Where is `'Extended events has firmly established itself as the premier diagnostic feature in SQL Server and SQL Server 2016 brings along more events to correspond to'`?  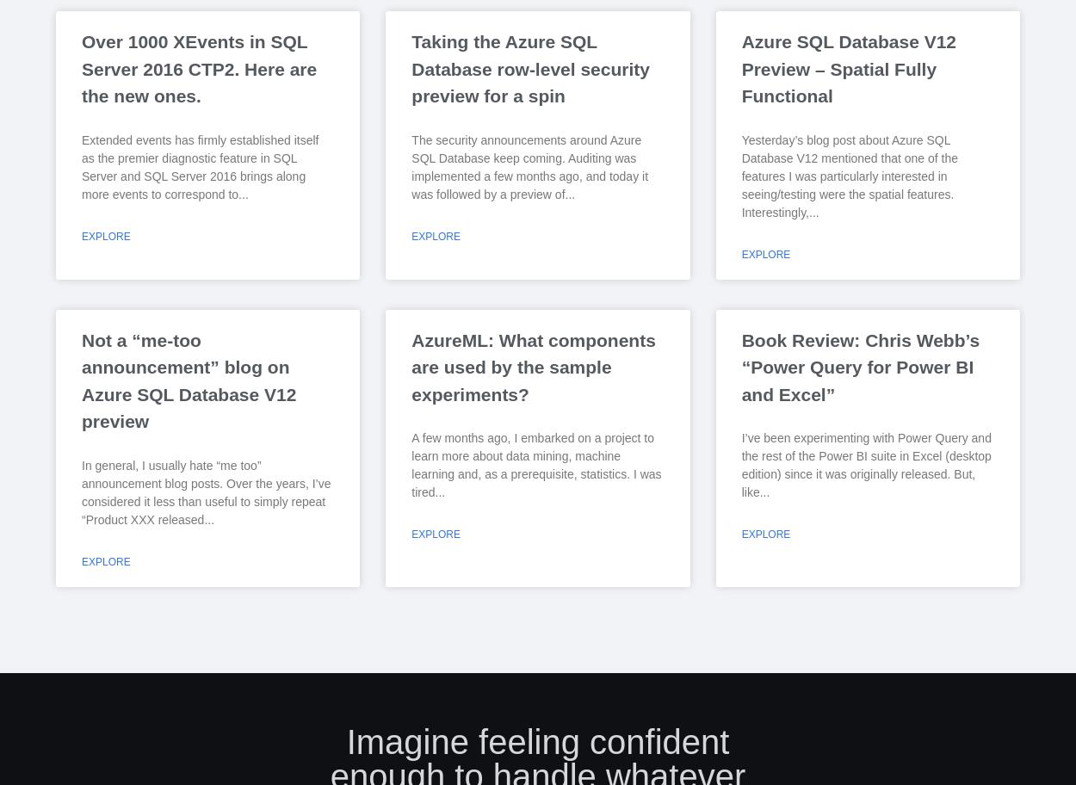 'Extended events has firmly established itself as the premier diagnostic feature in SQL Server and SQL Server 2016 brings along more events to correspond to' is located at coordinates (81, 165).